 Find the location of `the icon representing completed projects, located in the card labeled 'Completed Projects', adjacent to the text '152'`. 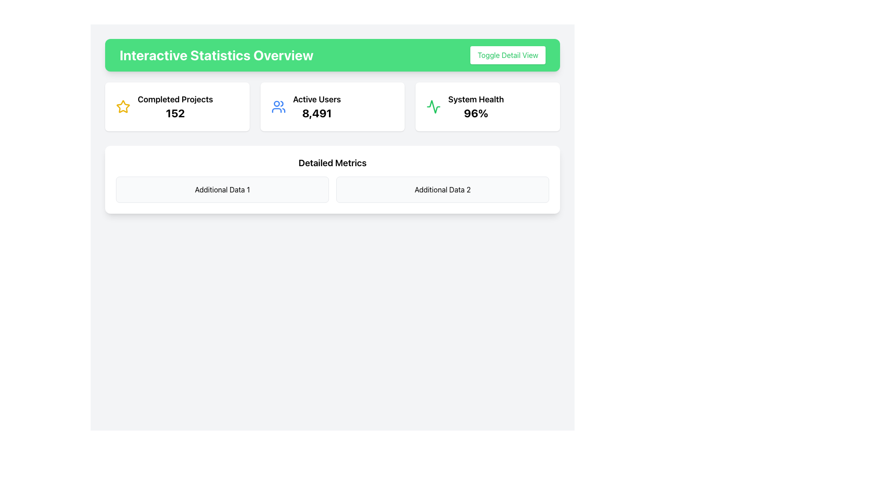

the icon representing completed projects, located in the card labeled 'Completed Projects', adjacent to the text '152' is located at coordinates (123, 106).